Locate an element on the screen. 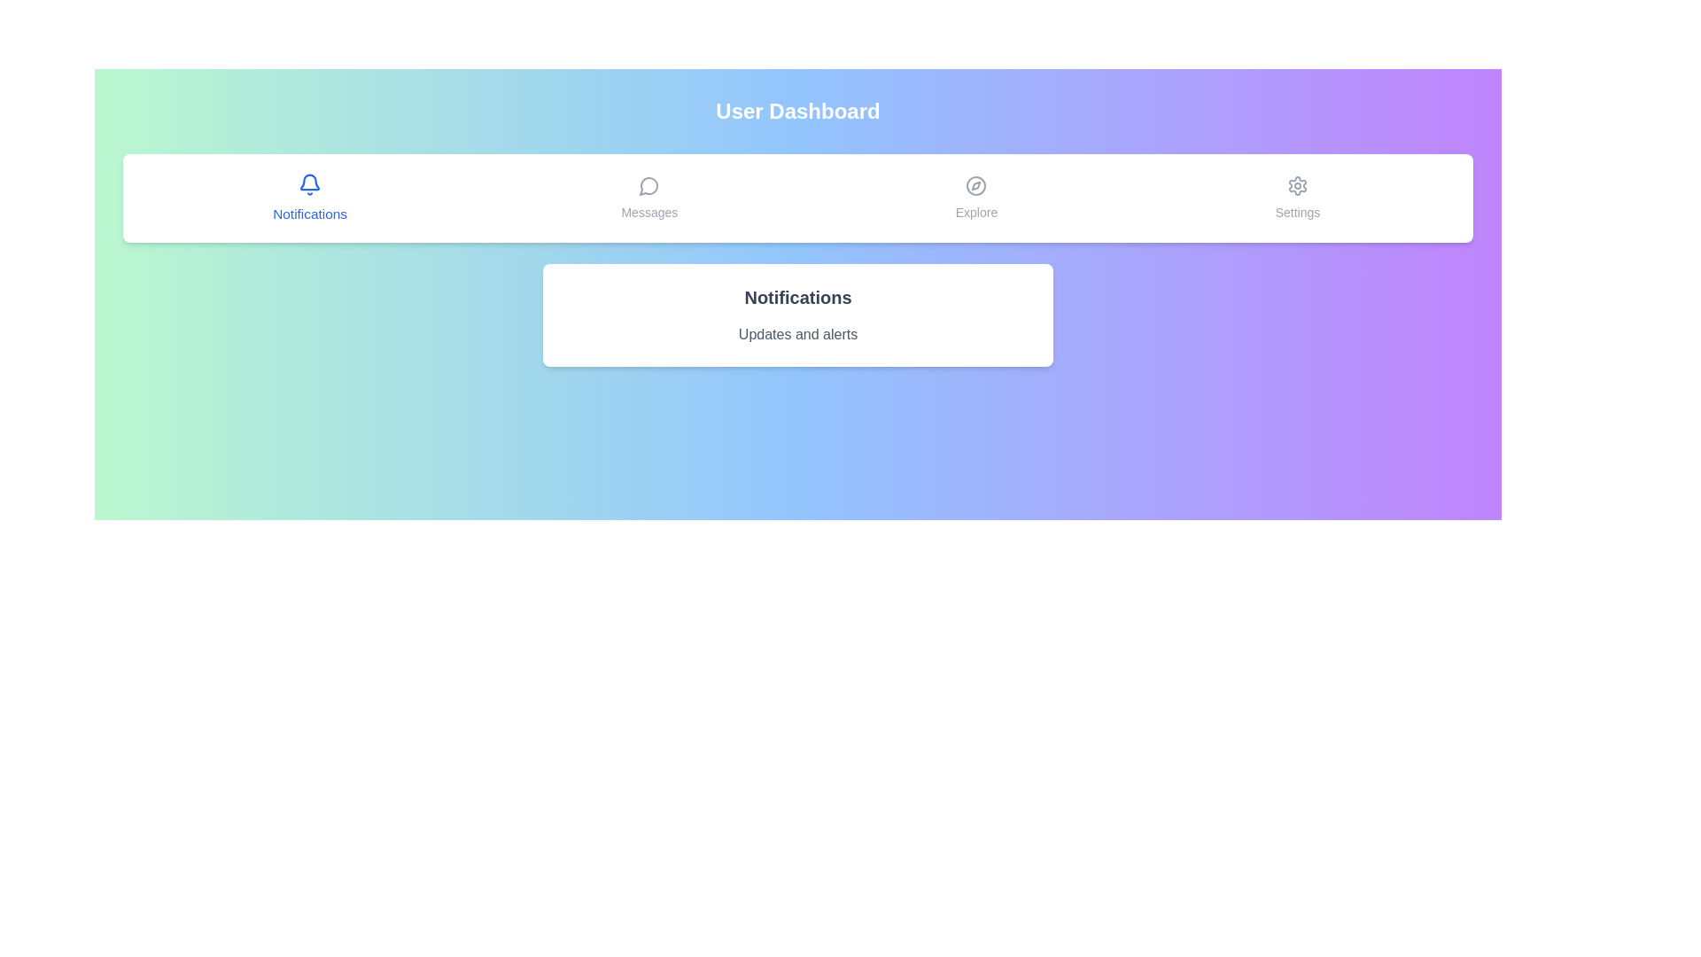 This screenshot has width=1701, height=957. the Notifications tab to switch the content is located at coordinates (309, 198).